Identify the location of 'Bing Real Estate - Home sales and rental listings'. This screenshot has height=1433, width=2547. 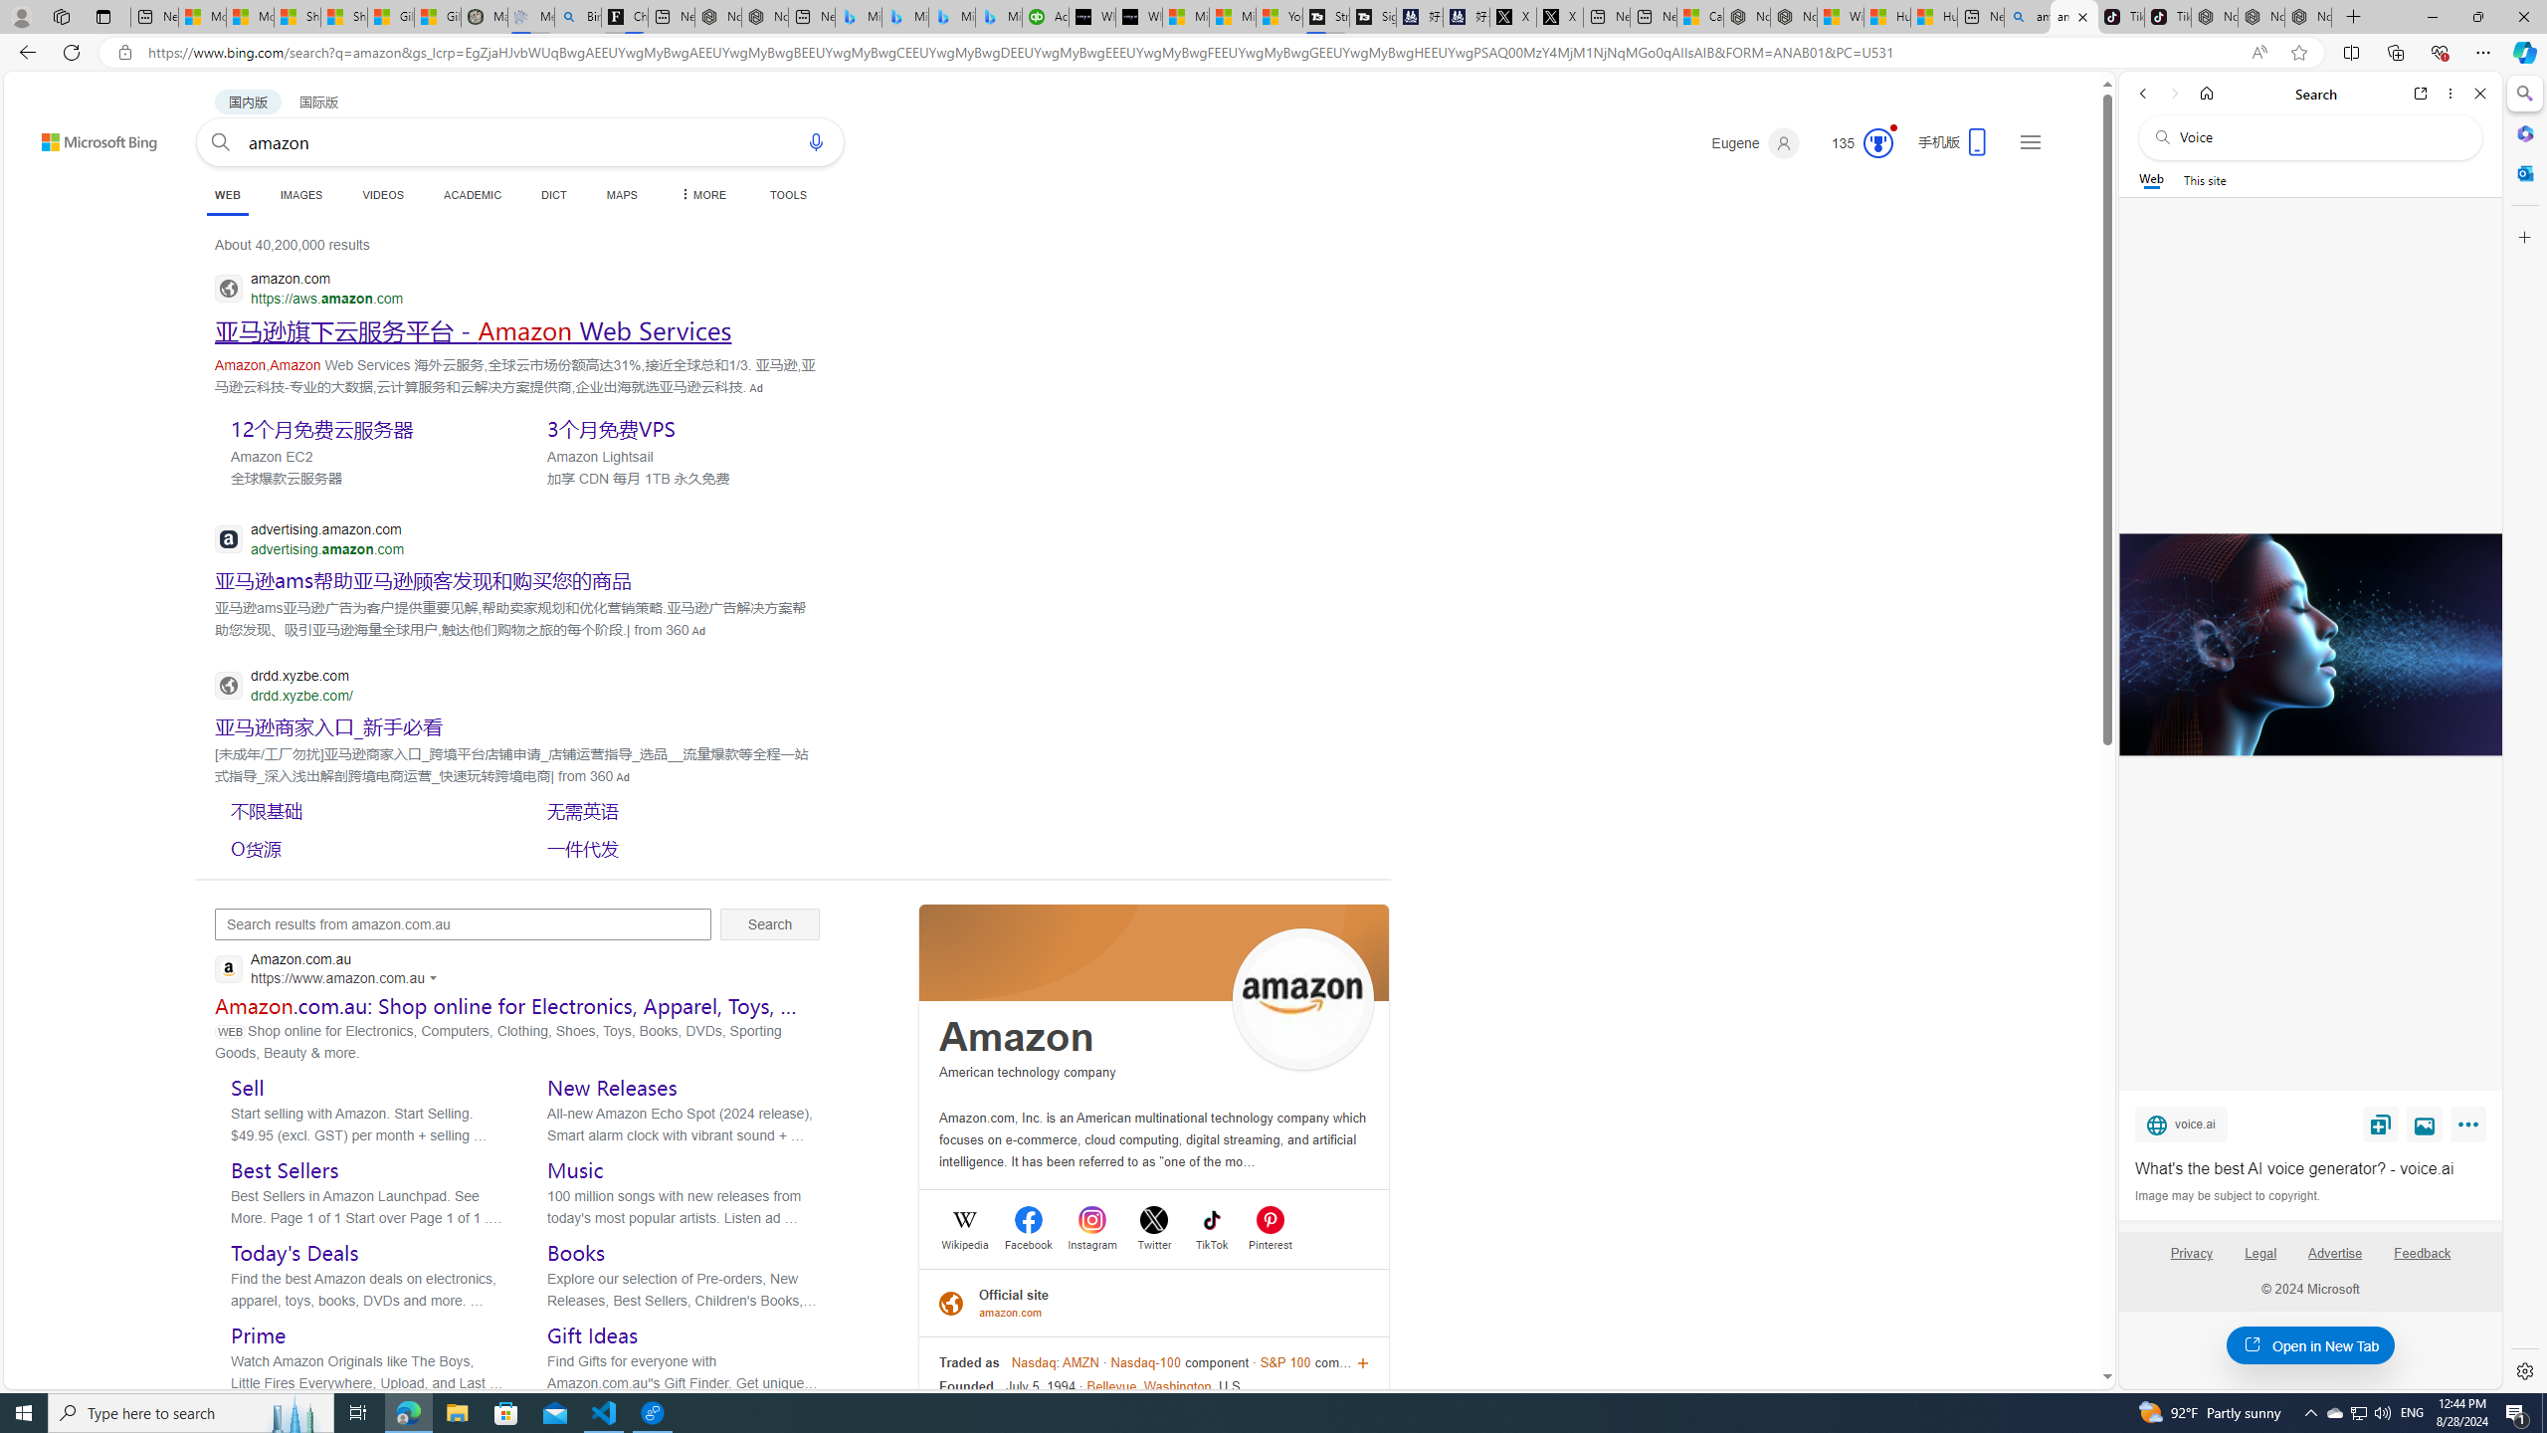
(575, 16).